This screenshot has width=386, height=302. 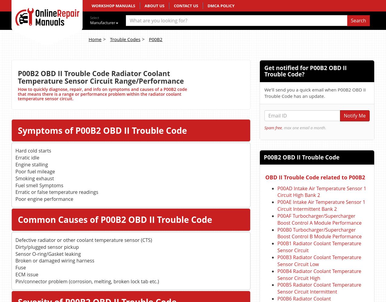 I want to click on 'Engine stalling', so click(x=31, y=165).